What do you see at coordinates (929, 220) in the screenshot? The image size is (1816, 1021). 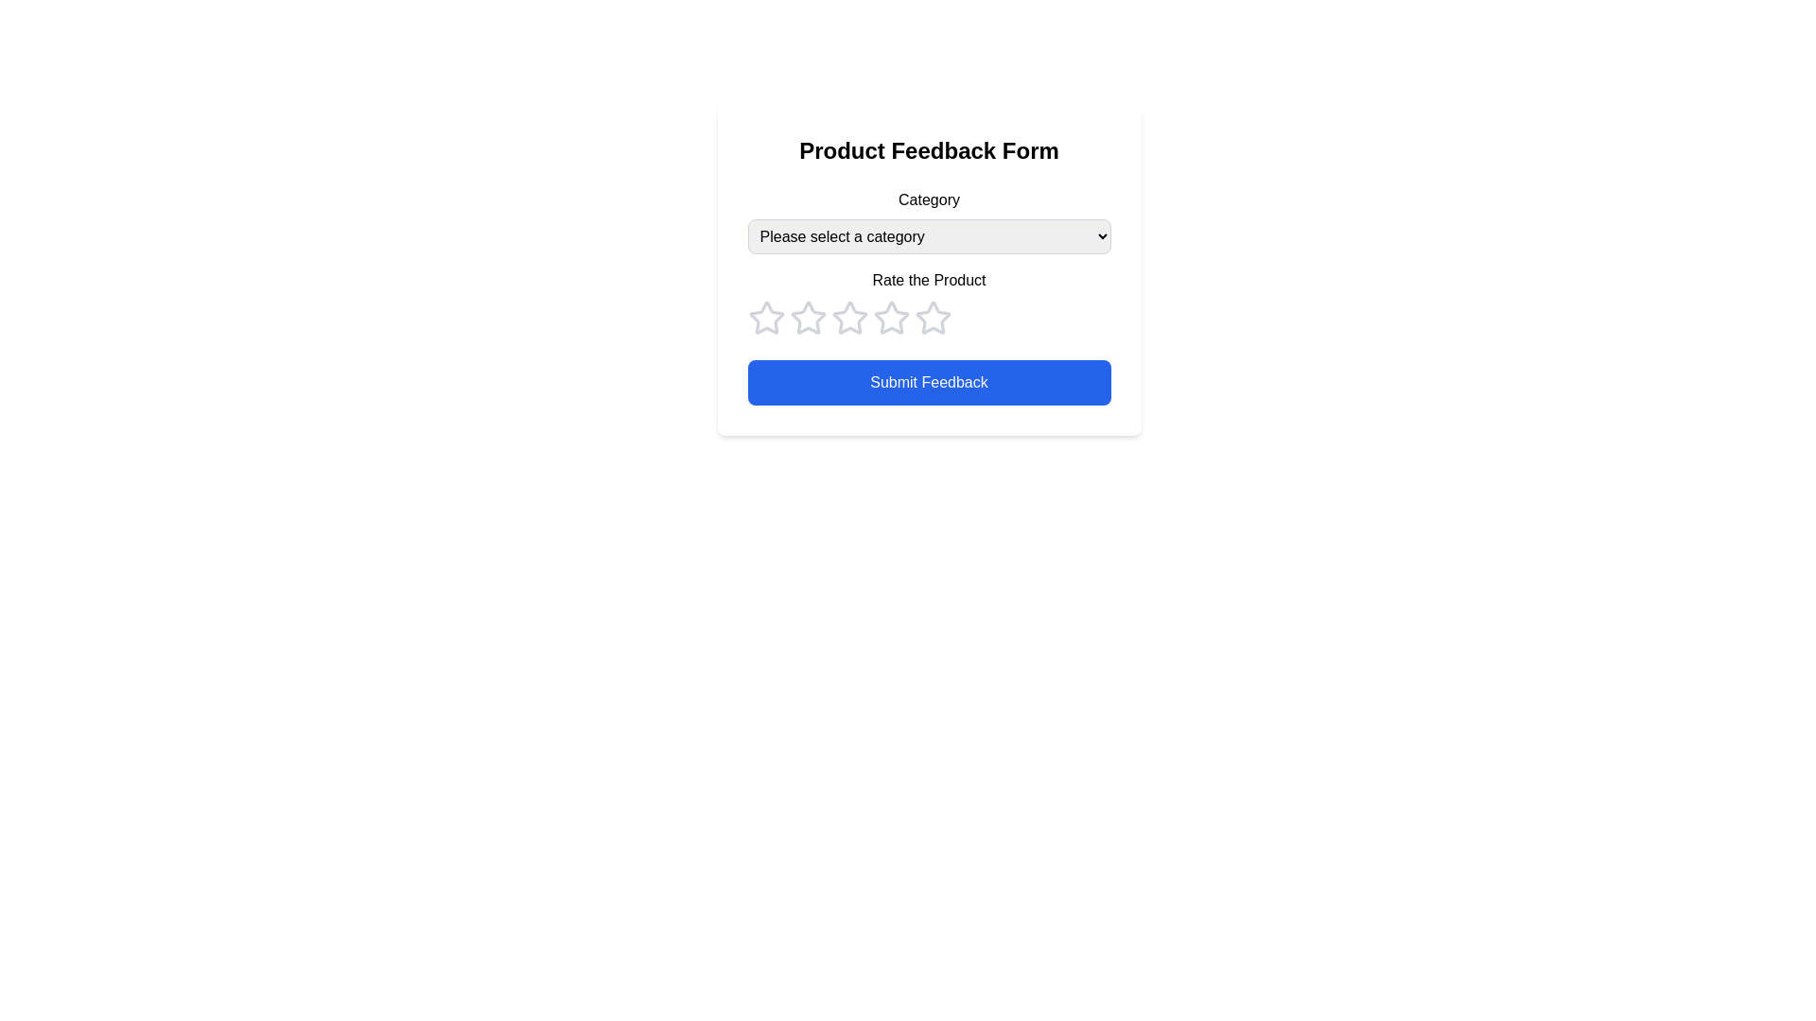 I see `a category from the 'Category' dropdown menu located in the 'Product Feedback Form' section by clicking on it` at bounding box center [929, 220].